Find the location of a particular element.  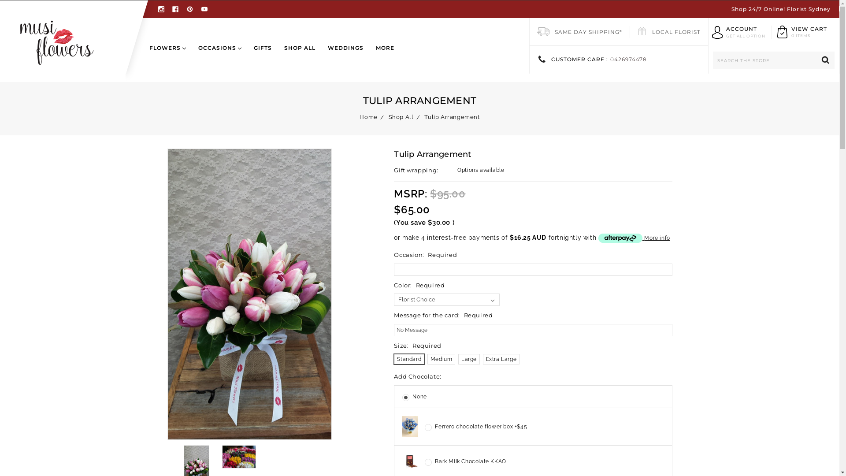

'GIFTS' is located at coordinates (262, 54).